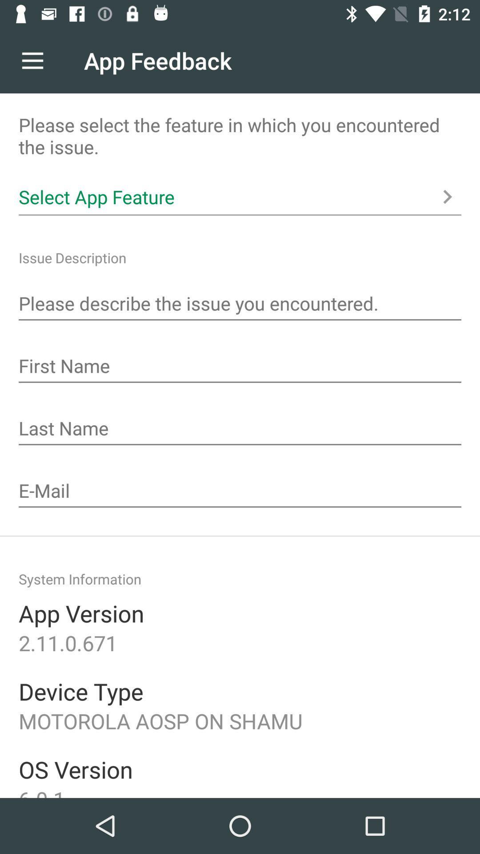 Image resolution: width=480 pixels, height=854 pixels. I want to click on your last name, so click(240, 429).